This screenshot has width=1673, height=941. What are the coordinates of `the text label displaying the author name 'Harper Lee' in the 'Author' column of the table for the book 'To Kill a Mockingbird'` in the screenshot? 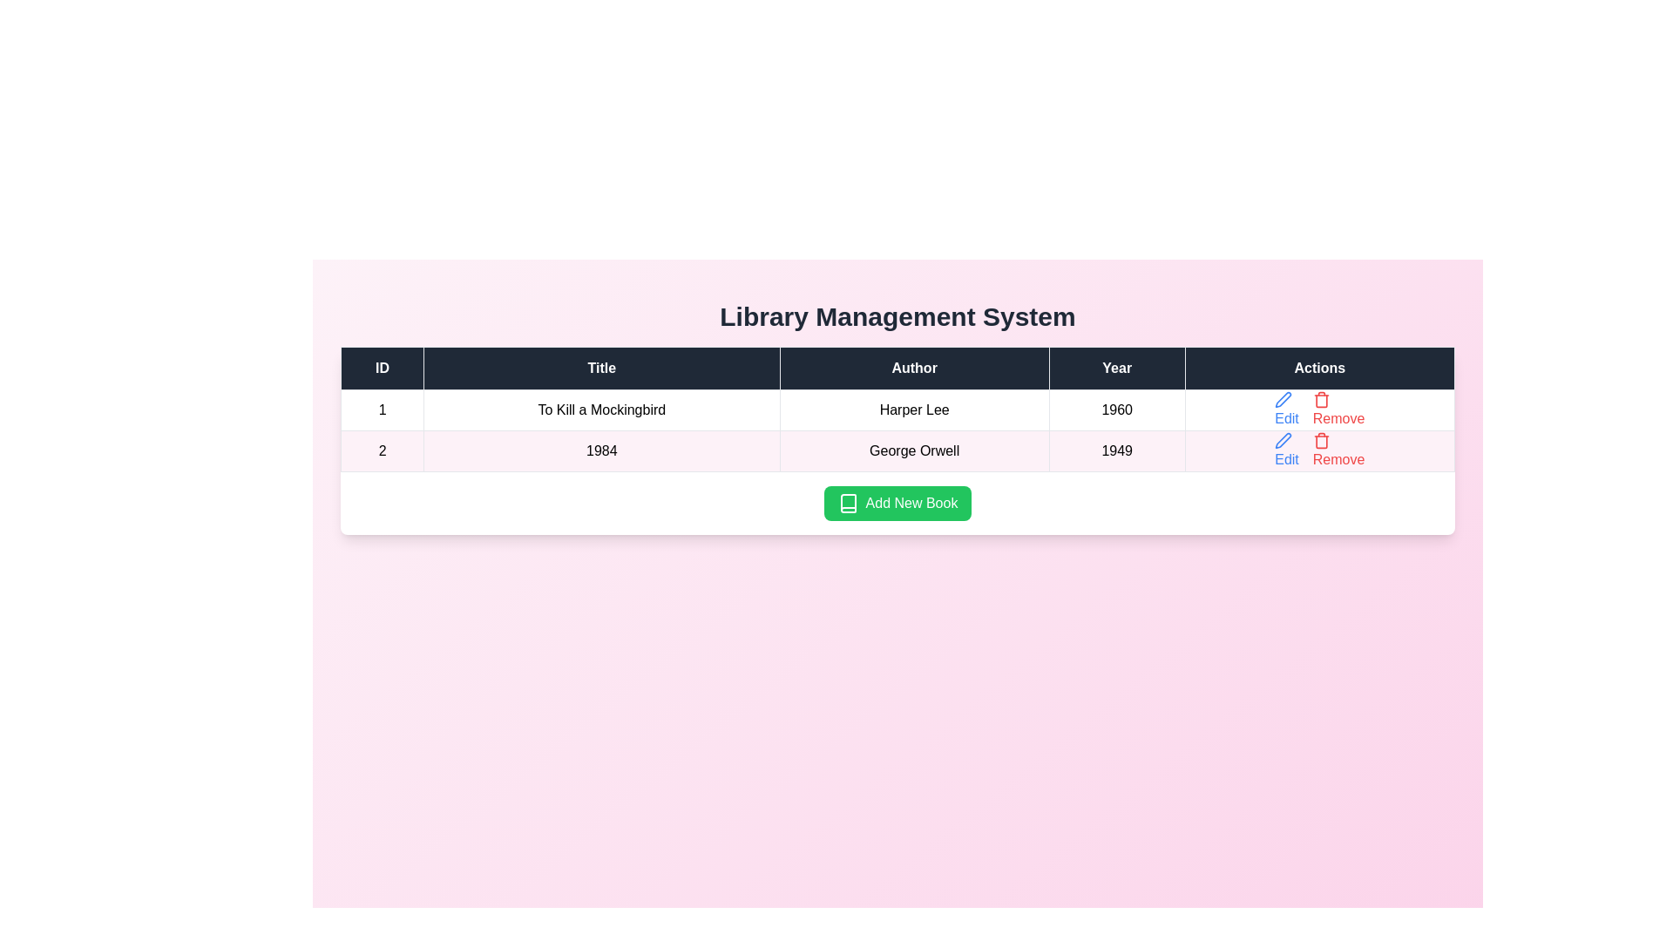 It's located at (913, 410).